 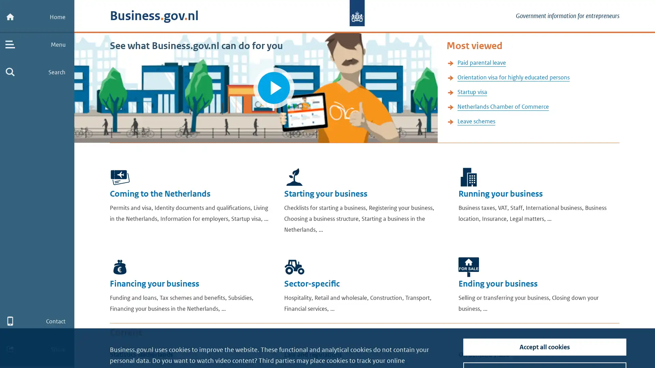 What do you see at coordinates (273, 88) in the screenshot?
I see `Play video` at bounding box center [273, 88].